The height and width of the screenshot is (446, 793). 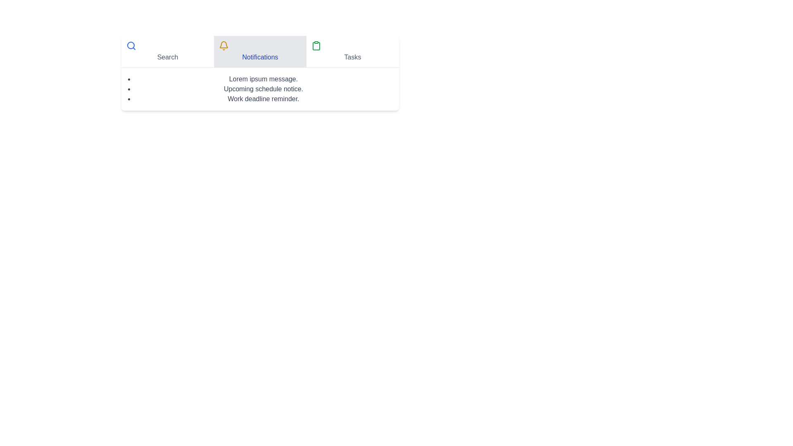 What do you see at coordinates (353, 51) in the screenshot?
I see `the Tasks tab` at bounding box center [353, 51].